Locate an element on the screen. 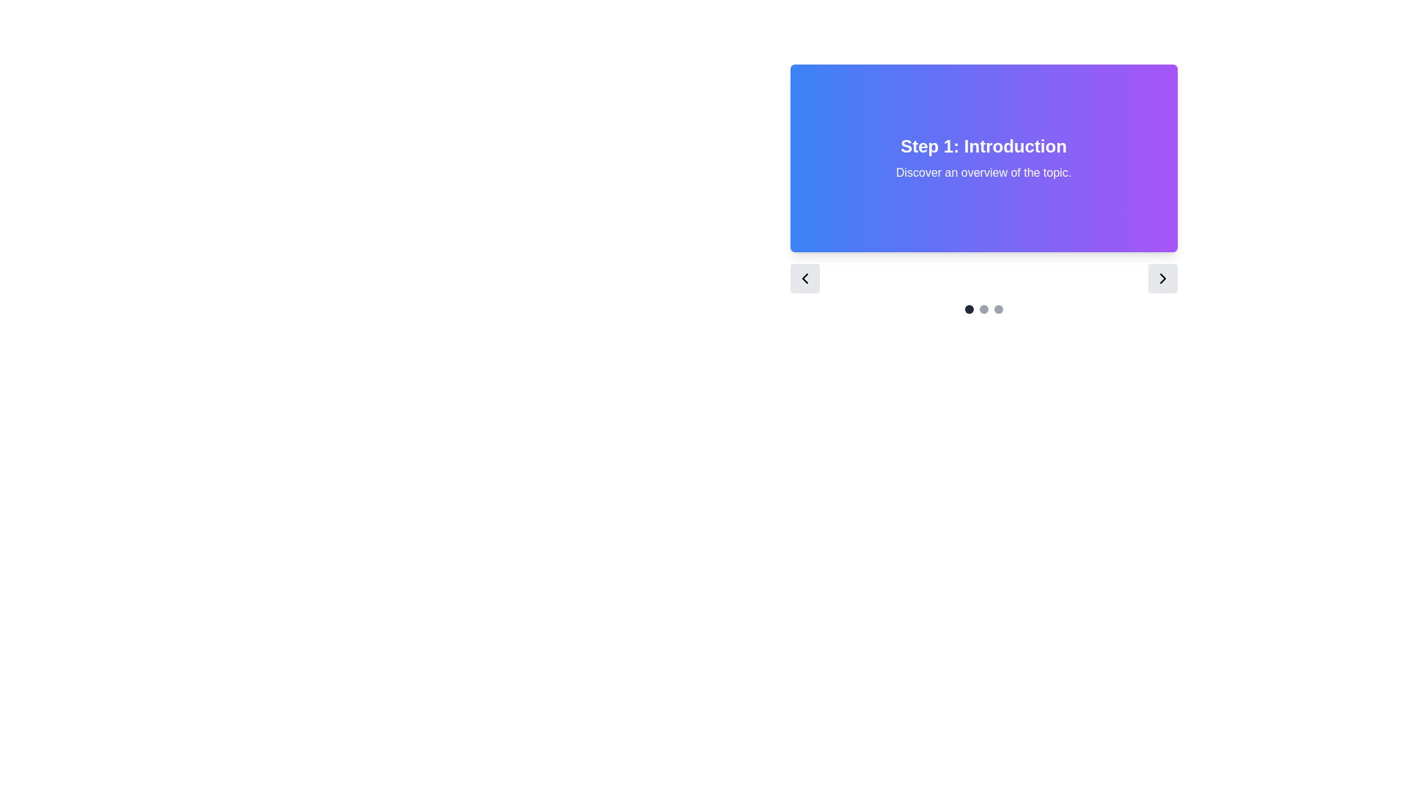  the left chevron arrow icon in the carousel navigation bar is located at coordinates (804, 279).